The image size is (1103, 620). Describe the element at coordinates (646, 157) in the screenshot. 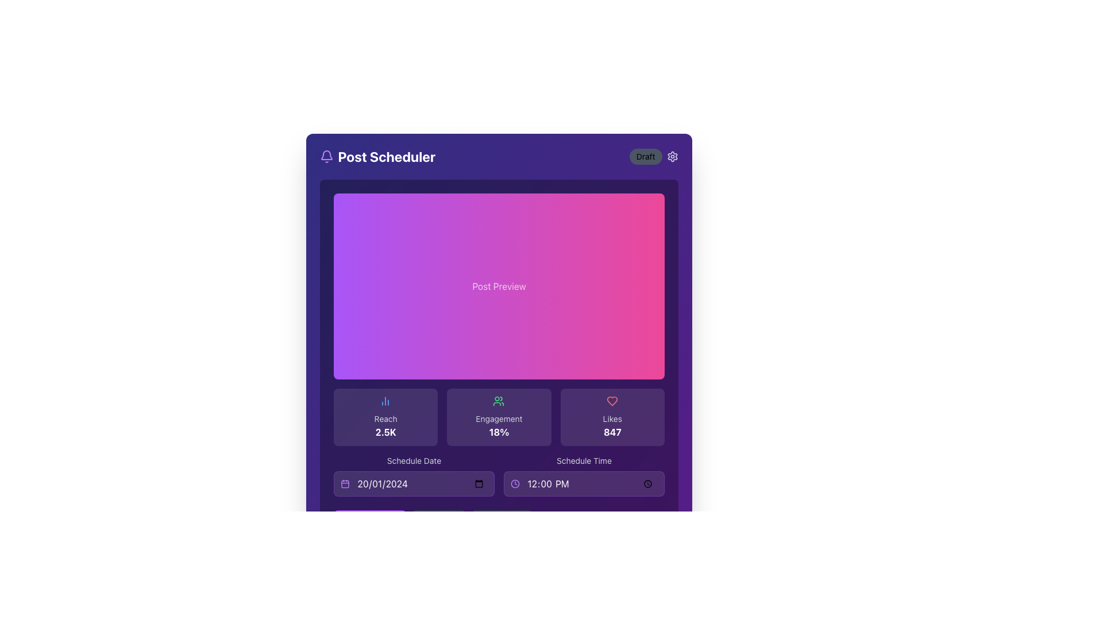

I see `the small, pill-shaped label with a dark background and the text 'Draft' in white, located in the top right corner of the interface` at that location.